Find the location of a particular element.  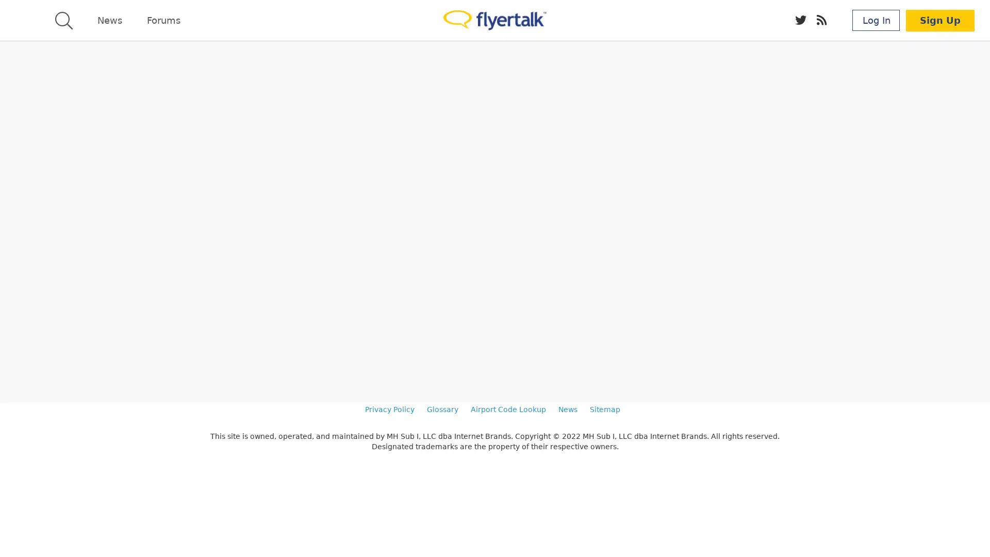

Most Reviewed is located at coordinates (95, 361).